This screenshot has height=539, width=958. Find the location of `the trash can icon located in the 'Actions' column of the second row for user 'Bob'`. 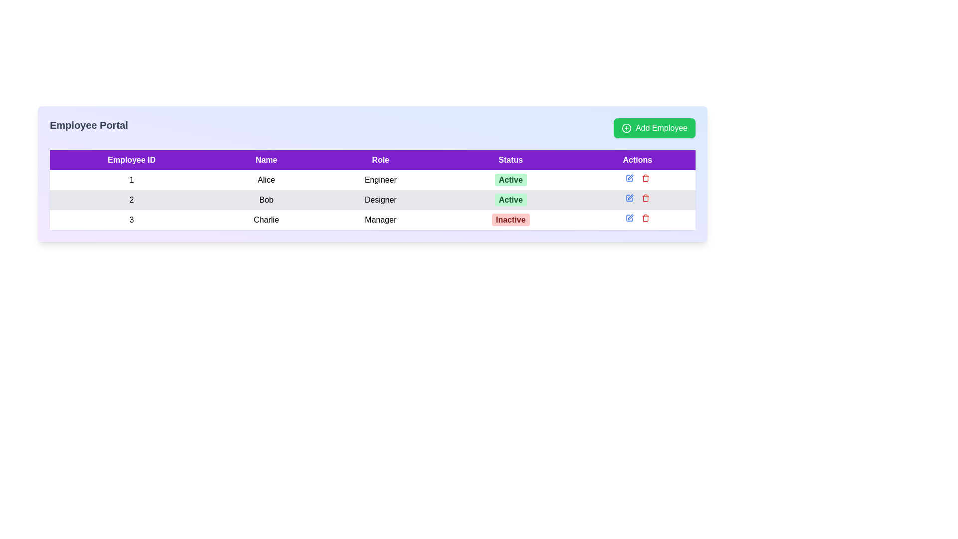

the trash can icon located in the 'Actions' column of the second row for user 'Bob' is located at coordinates (645, 199).